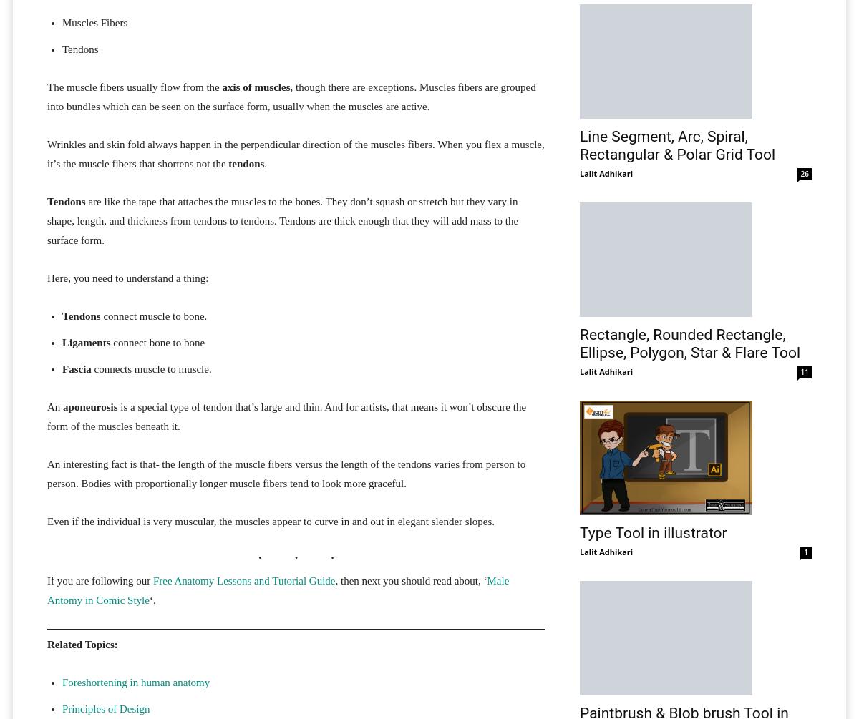 Image resolution: width=859 pixels, height=719 pixels. What do you see at coordinates (805, 552) in the screenshot?
I see `'1'` at bounding box center [805, 552].